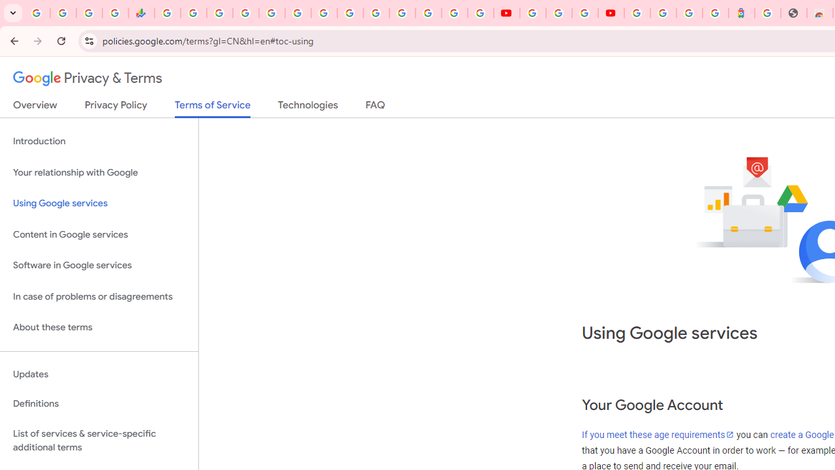 Image resolution: width=835 pixels, height=470 pixels. Describe the element at coordinates (99, 234) in the screenshot. I see `'Content in Google services'` at that location.